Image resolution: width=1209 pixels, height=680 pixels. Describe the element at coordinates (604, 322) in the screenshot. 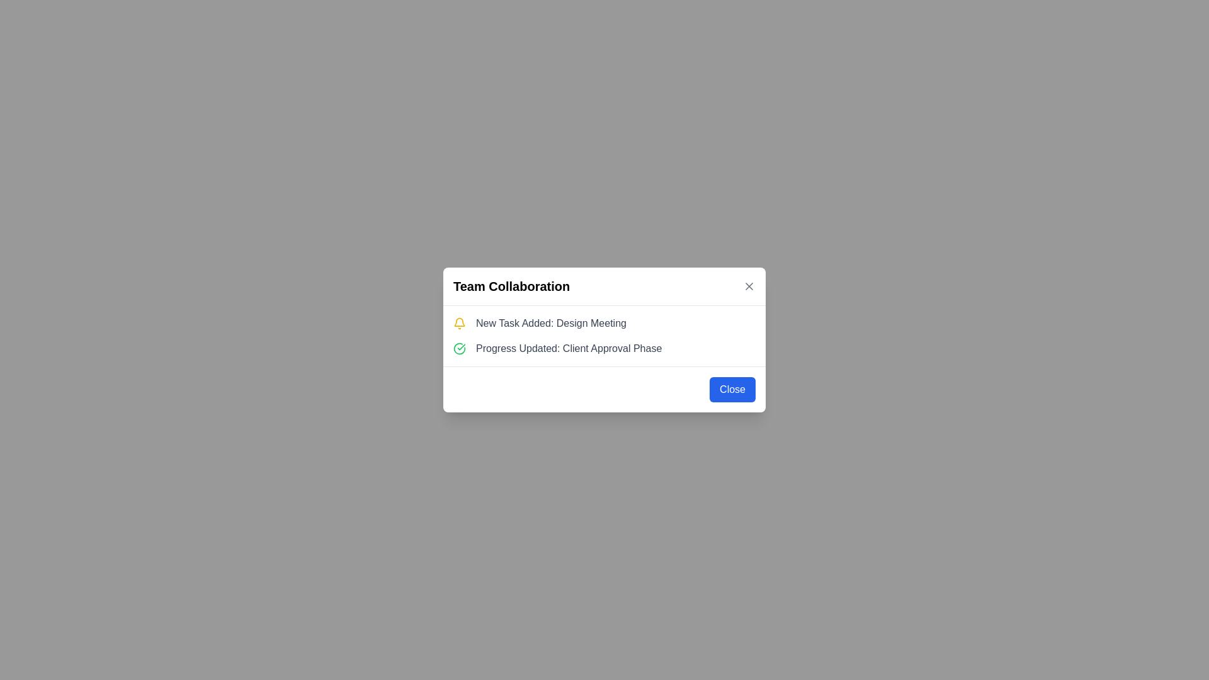

I see `the notification entry displaying 'New Task Added: Design Meeting', which is the first item in the notification list below 'Team Collaboration'` at that location.